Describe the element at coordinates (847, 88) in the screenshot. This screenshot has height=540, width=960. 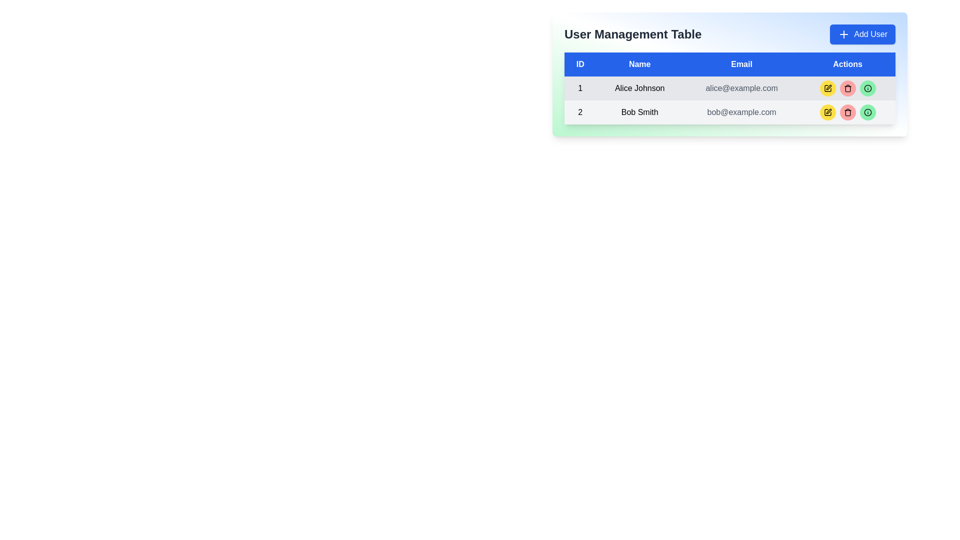
I see `the rectangular body of the trash can icon in the 'Actions' column for user 'Bob Smith' in the second row of the user management table` at that location.